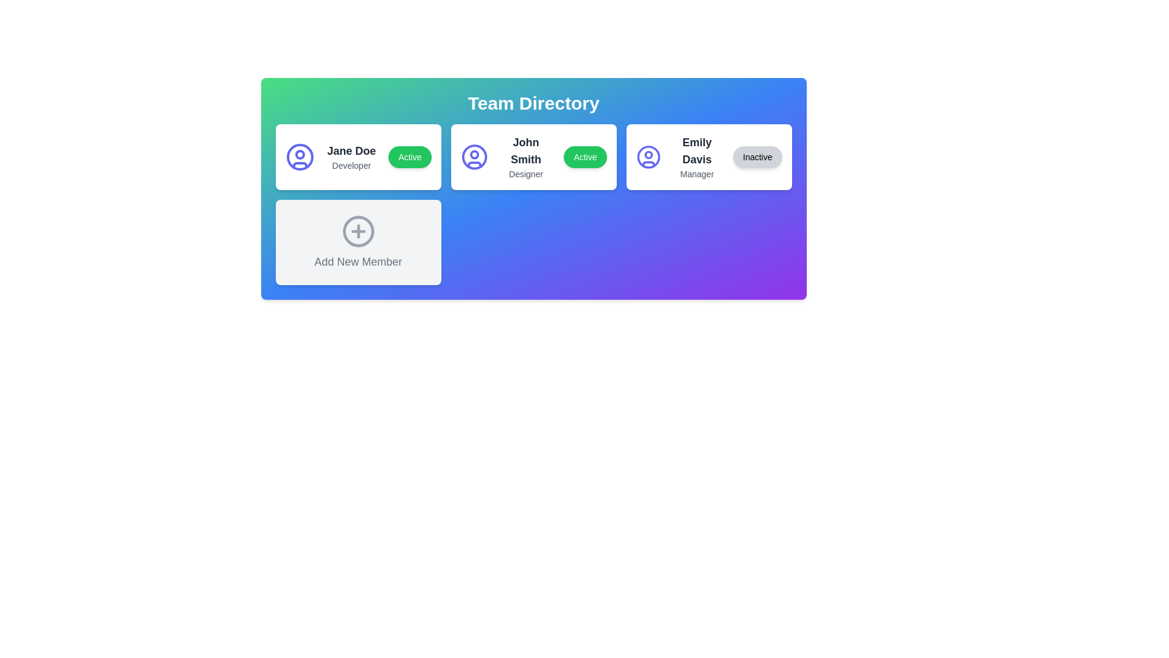 The image size is (1169, 658). Describe the element at coordinates (526, 174) in the screenshot. I see `the text label that indicates the role or position of the individual in the central user card, located beneath the 'John Smith' text element` at that location.